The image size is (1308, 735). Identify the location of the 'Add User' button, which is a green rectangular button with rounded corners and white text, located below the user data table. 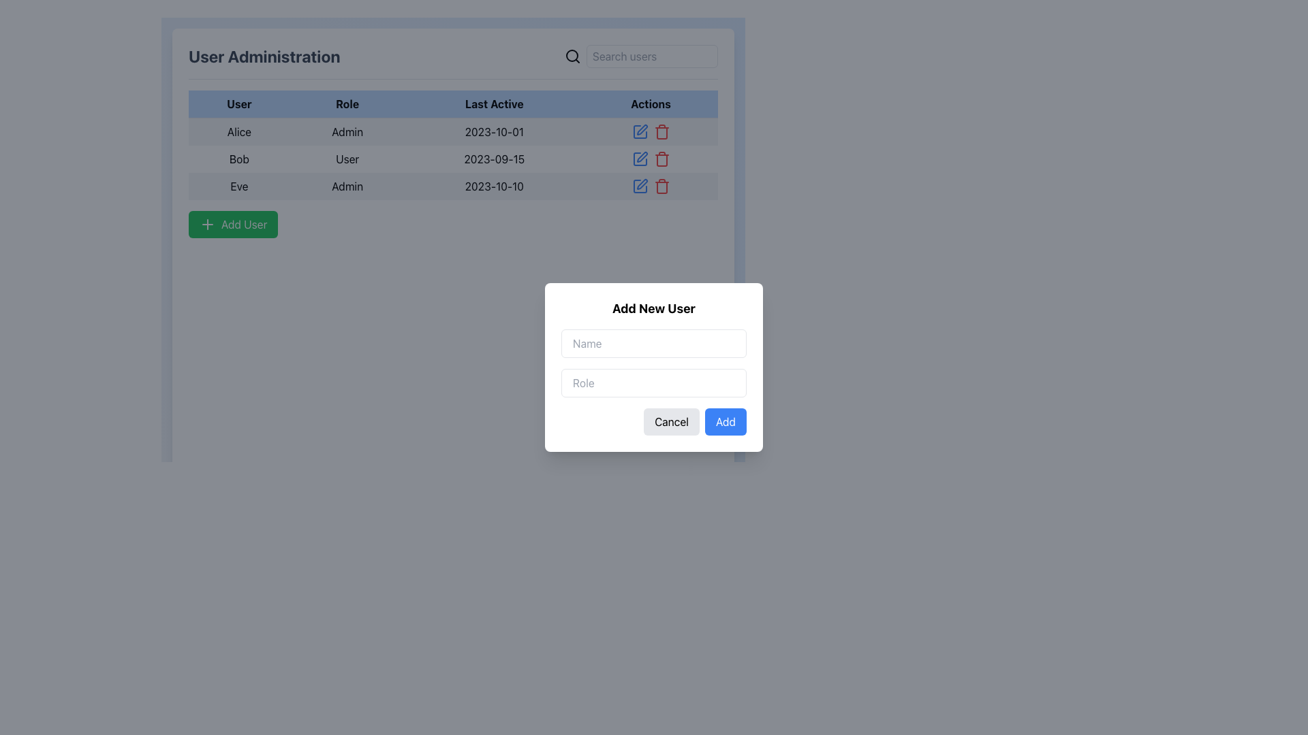
(233, 224).